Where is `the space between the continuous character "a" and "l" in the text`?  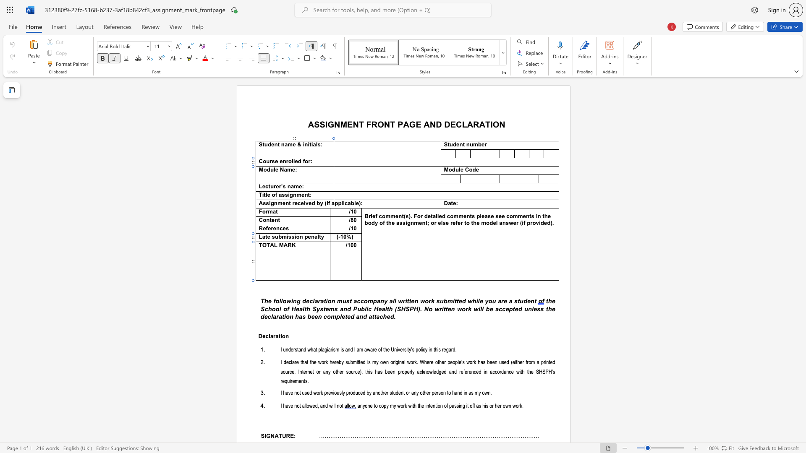 the space between the continuous character "a" and "l" in the text is located at coordinates (315, 144).